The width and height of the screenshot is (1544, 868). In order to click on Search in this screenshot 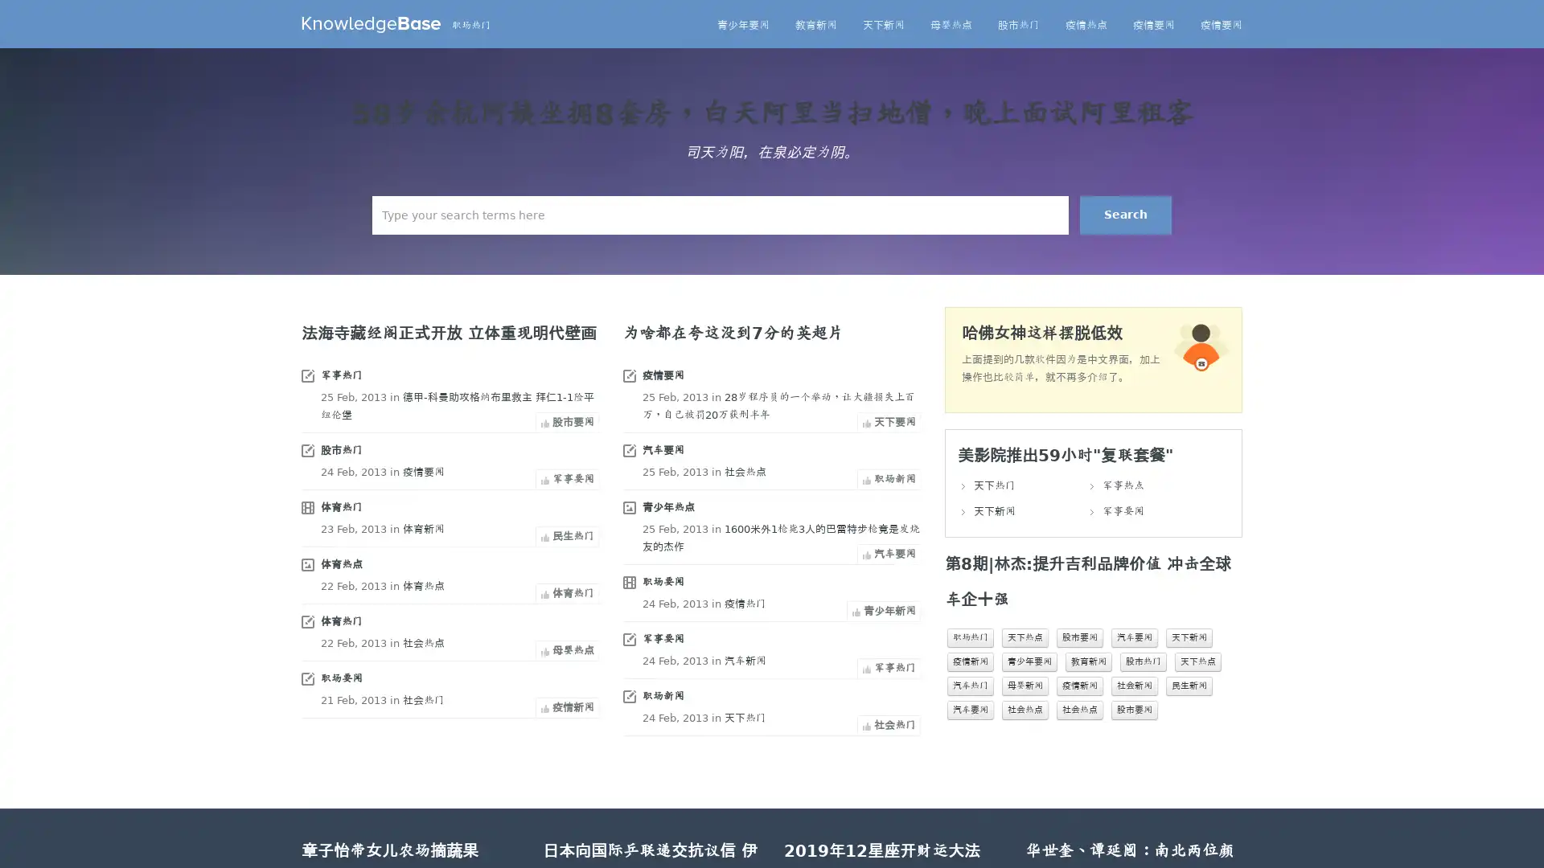, I will do `click(1125, 214)`.